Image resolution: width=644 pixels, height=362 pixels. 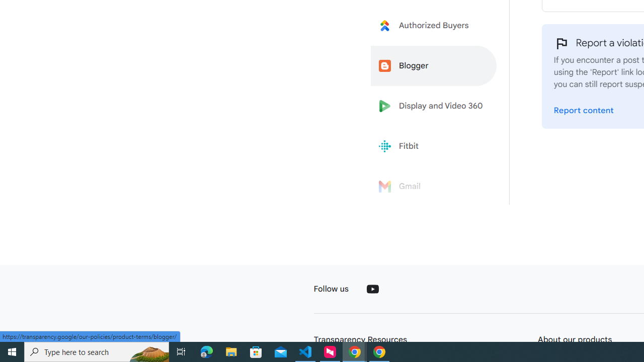 I want to click on 'YouTube', so click(x=372, y=289).